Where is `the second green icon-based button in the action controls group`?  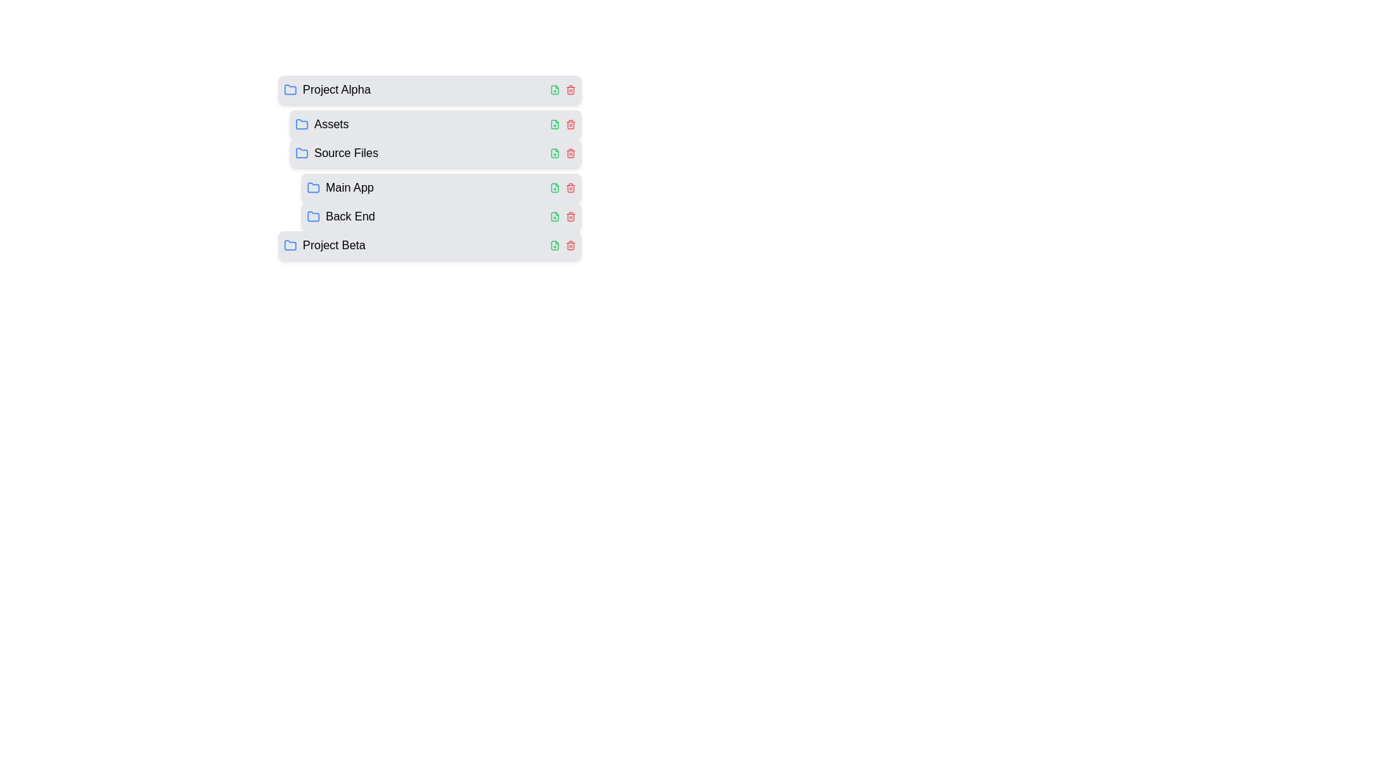
the second green icon-based button in the action controls group is located at coordinates (554, 244).